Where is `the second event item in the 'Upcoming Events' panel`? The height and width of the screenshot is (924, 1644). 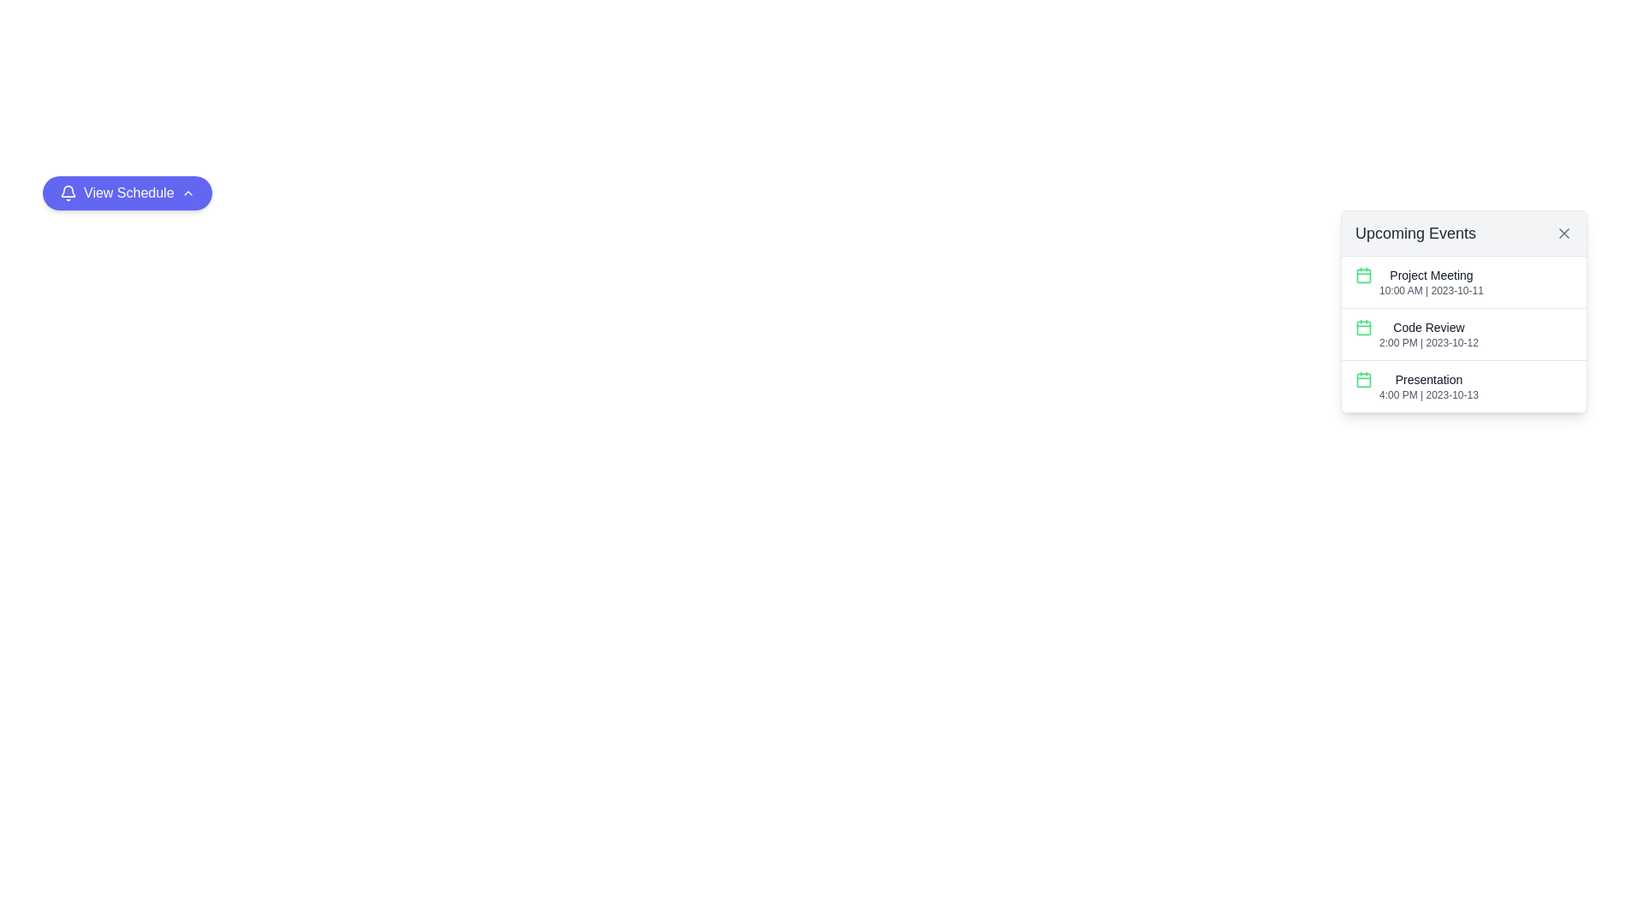 the second event item in the 'Upcoming Events' panel is located at coordinates (1462, 311).